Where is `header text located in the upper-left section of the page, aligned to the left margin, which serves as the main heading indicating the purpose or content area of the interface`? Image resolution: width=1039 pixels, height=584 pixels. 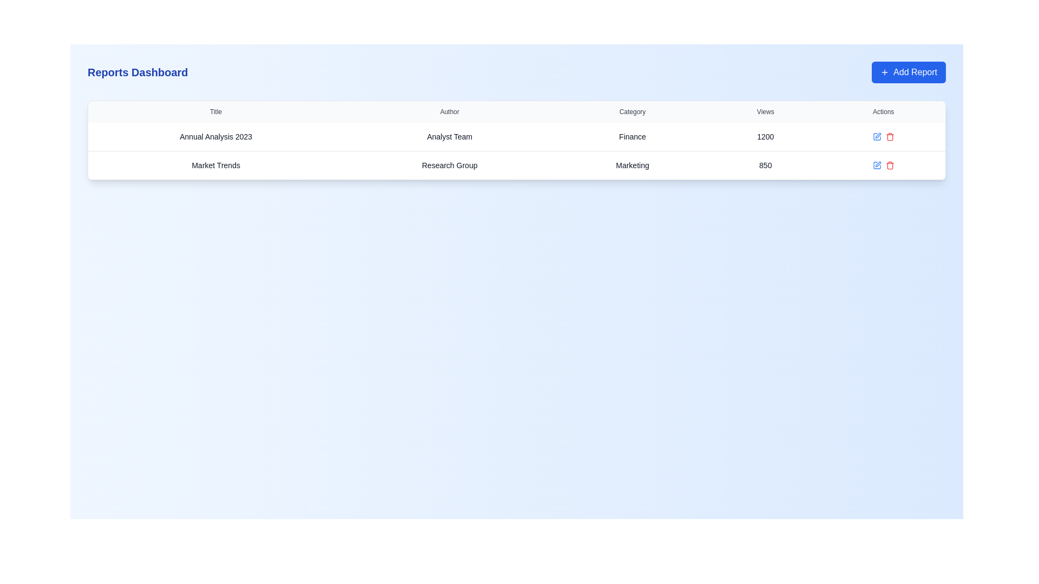
header text located in the upper-left section of the page, aligned to the left margin, which serves as the main heading indicating the purpose or content area of the interface is located at coordinates (137, 72).